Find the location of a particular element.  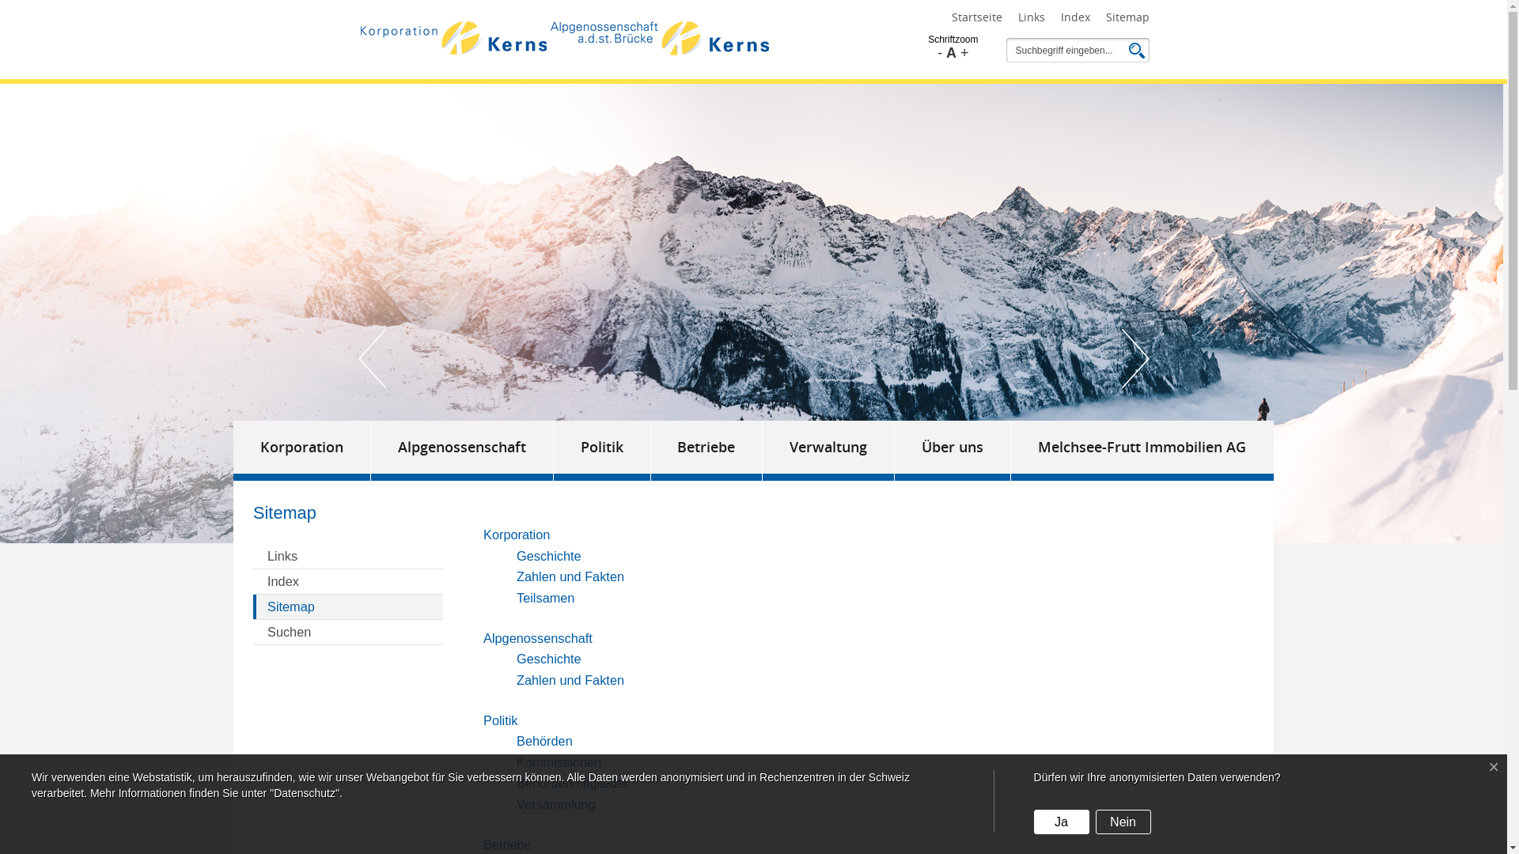

'Links' is located at coordinates (1030, 18).